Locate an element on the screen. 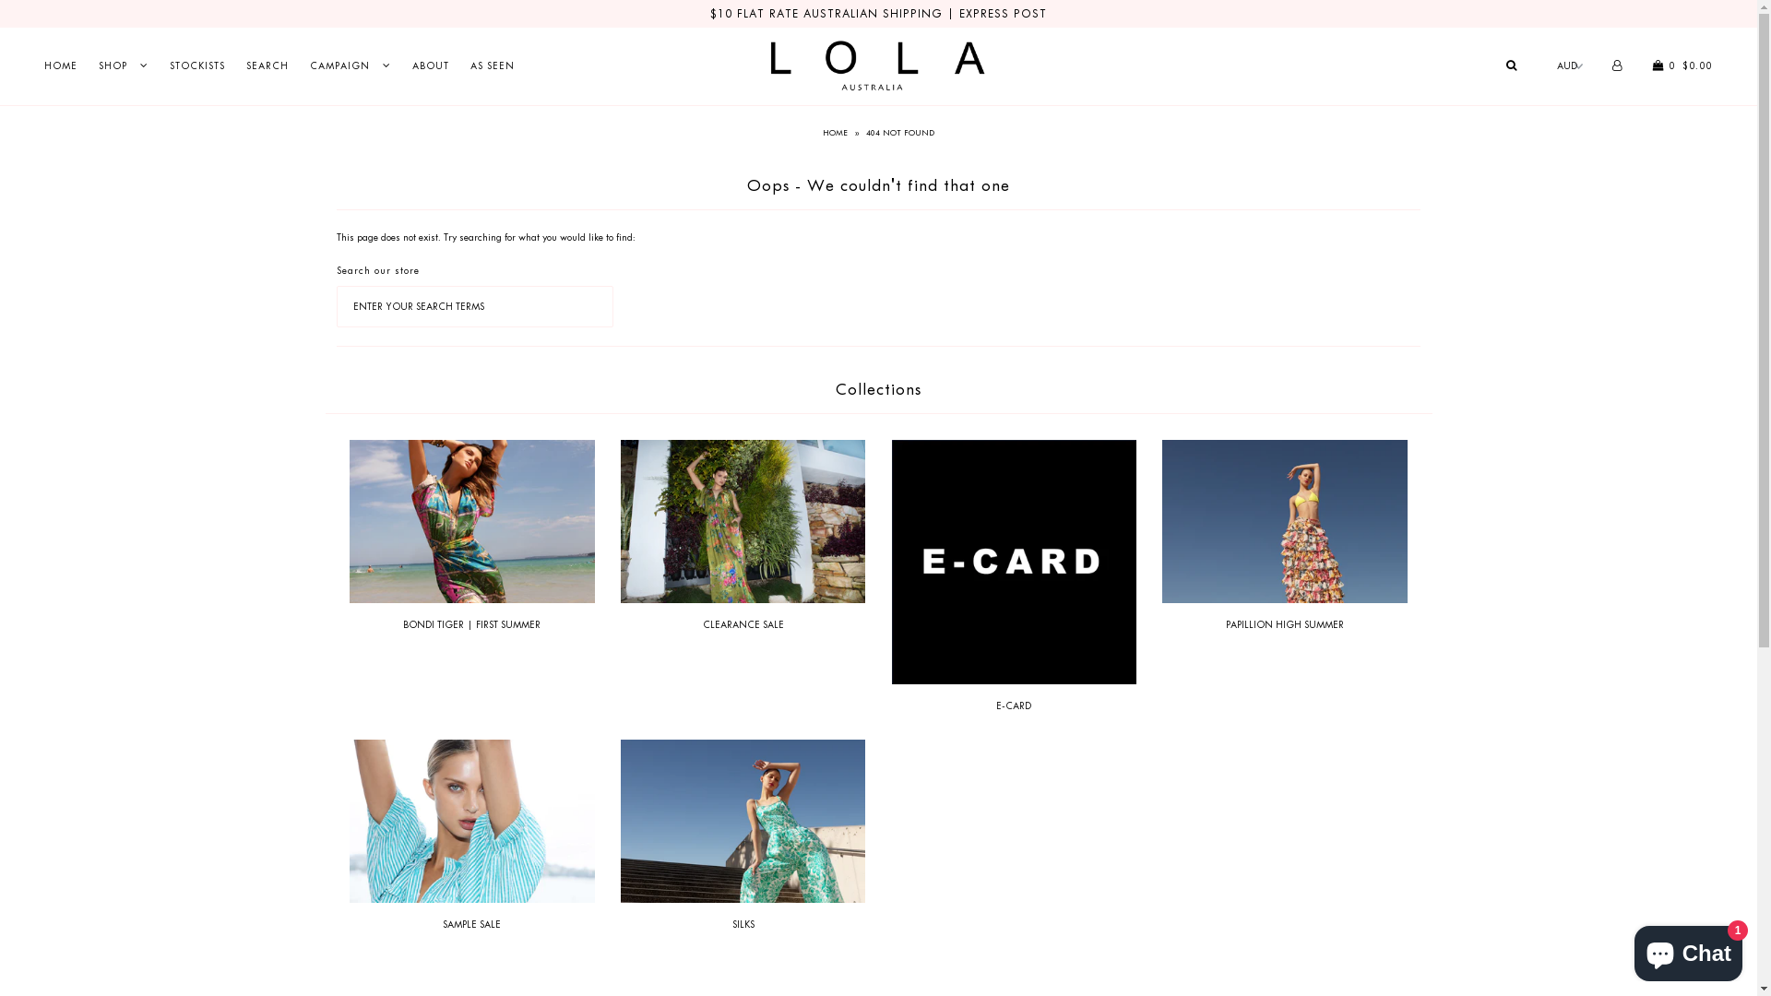  'ABOUT' is located at coordinates (429, 65).